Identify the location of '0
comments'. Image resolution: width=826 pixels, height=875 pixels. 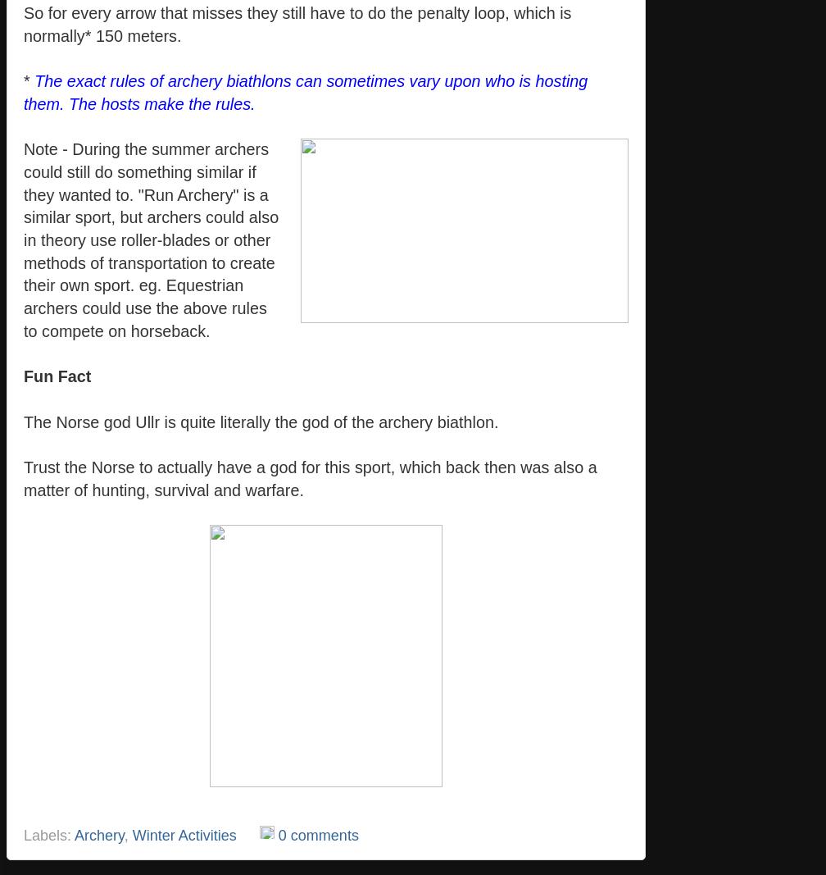
(317, 835).